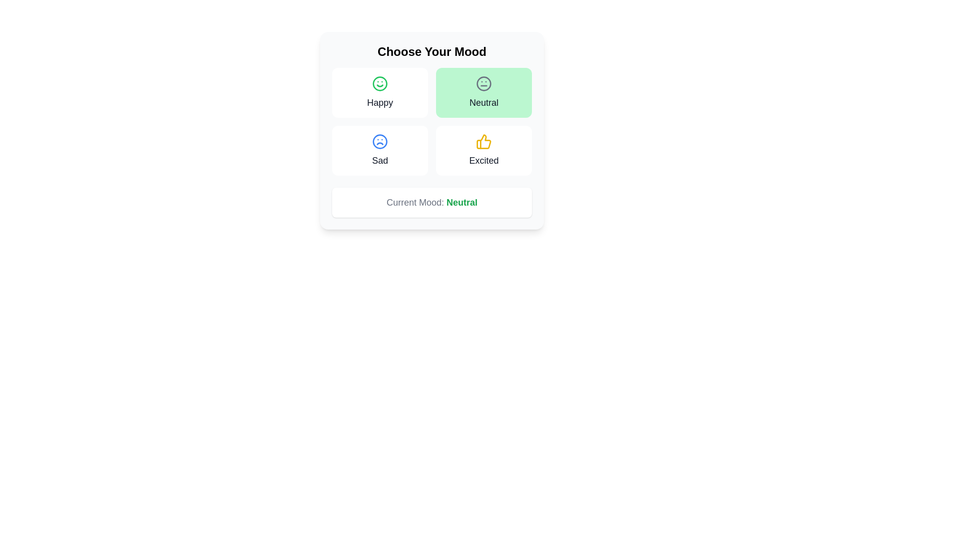  Describe the element at coordinates (380, 150) in the screenshot. I see `the 'Sad' mood button located in the bottom-left quadrant of the mood selection grid` at that location.